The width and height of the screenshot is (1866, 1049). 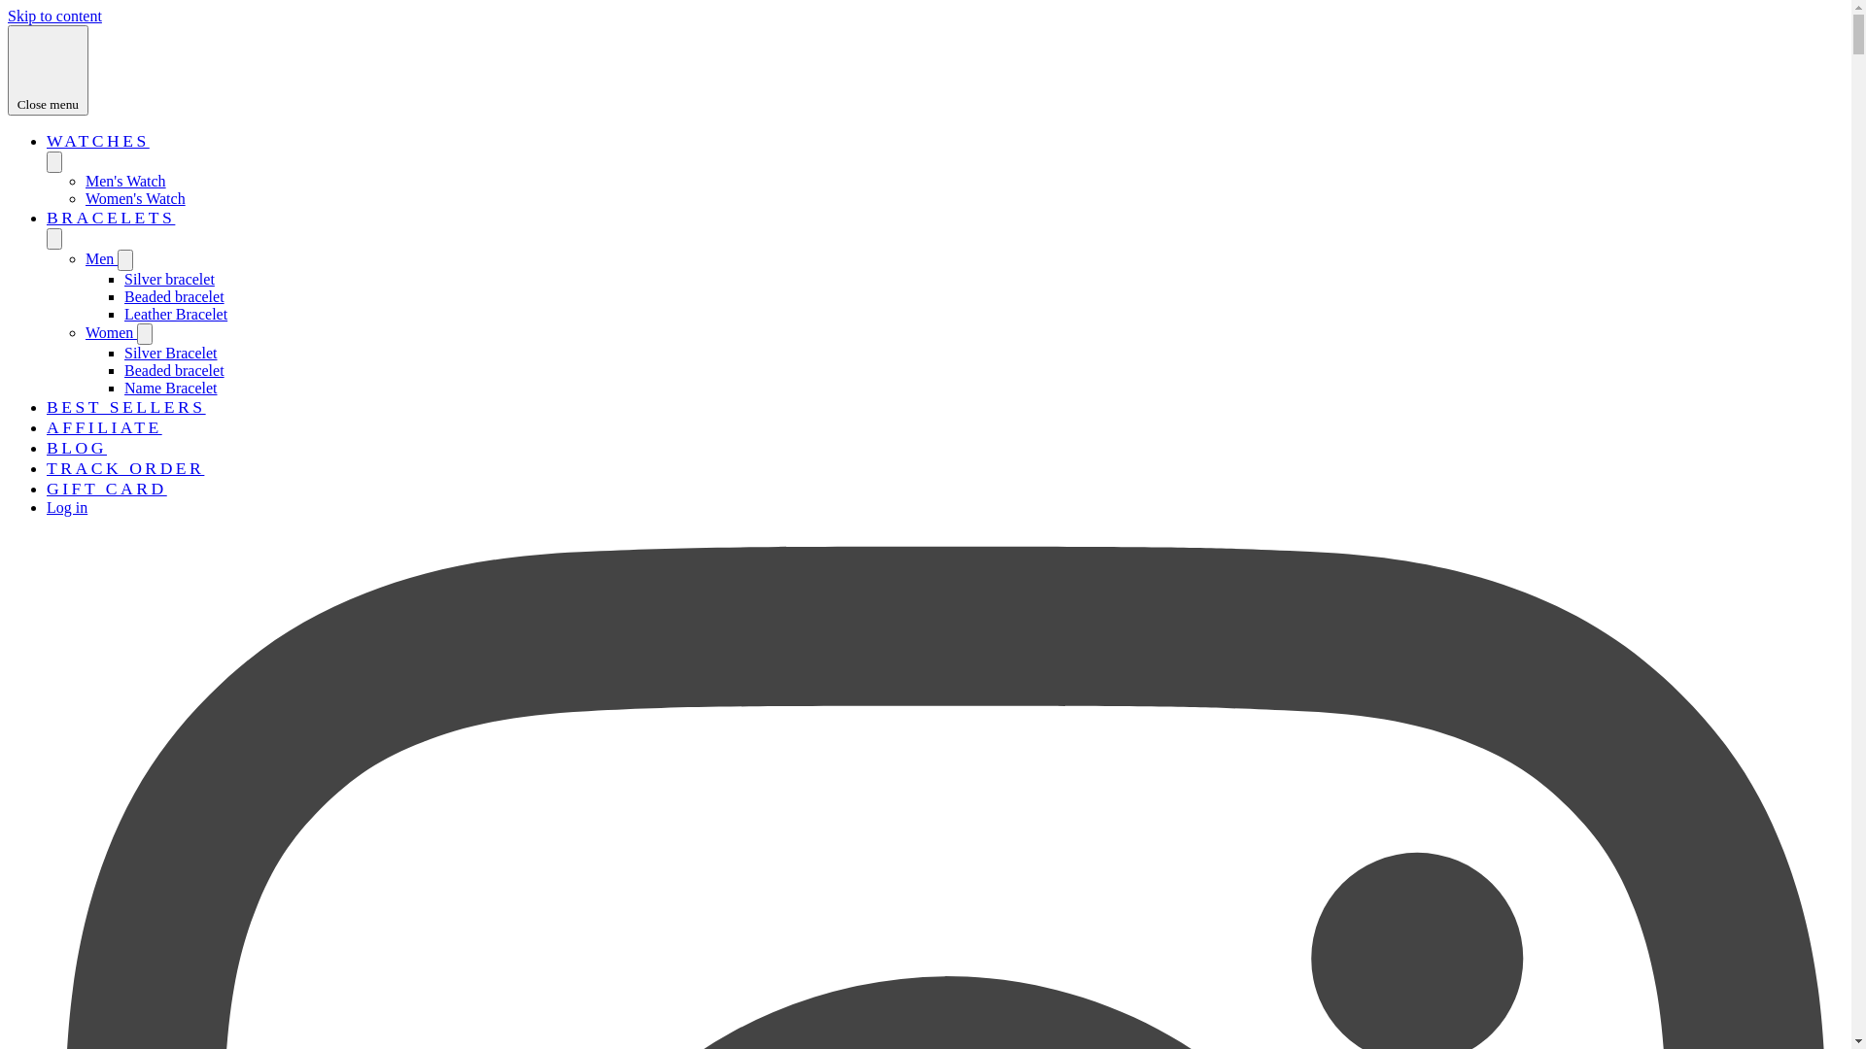 What do you see at coordinates (124, 181) in the screenshot?
I see `'Men's Watch'` at bounding box center [124, 181].